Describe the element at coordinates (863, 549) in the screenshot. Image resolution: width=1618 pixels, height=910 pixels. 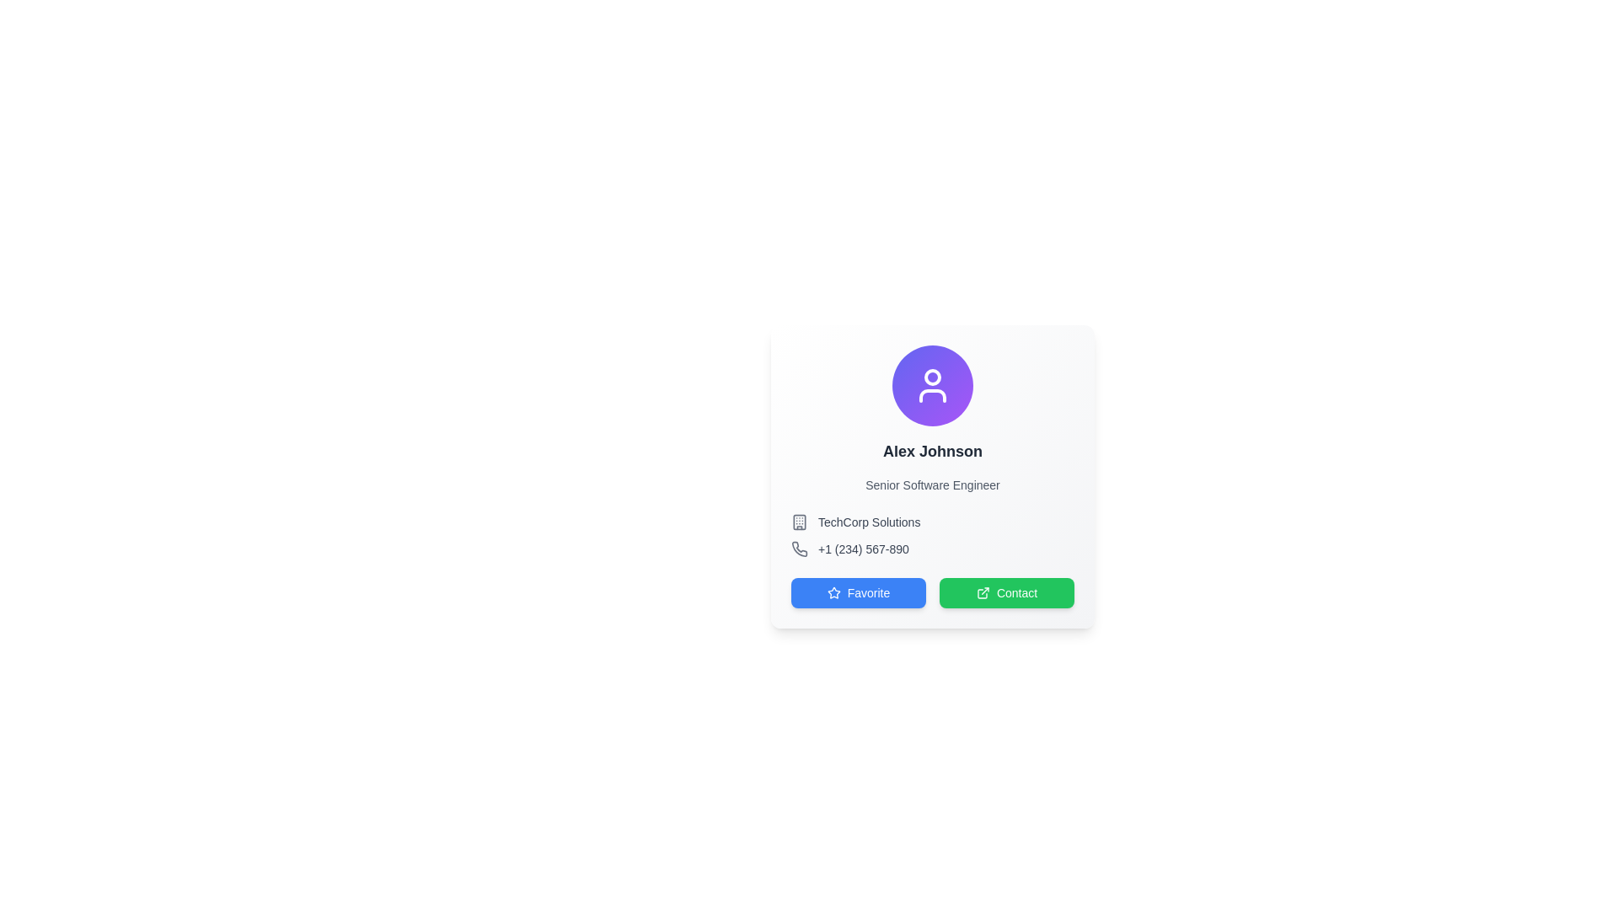
I see `the phone number text, which is styled with a smaller font size and gray color, located near a phone icon in the contact card` at that location.